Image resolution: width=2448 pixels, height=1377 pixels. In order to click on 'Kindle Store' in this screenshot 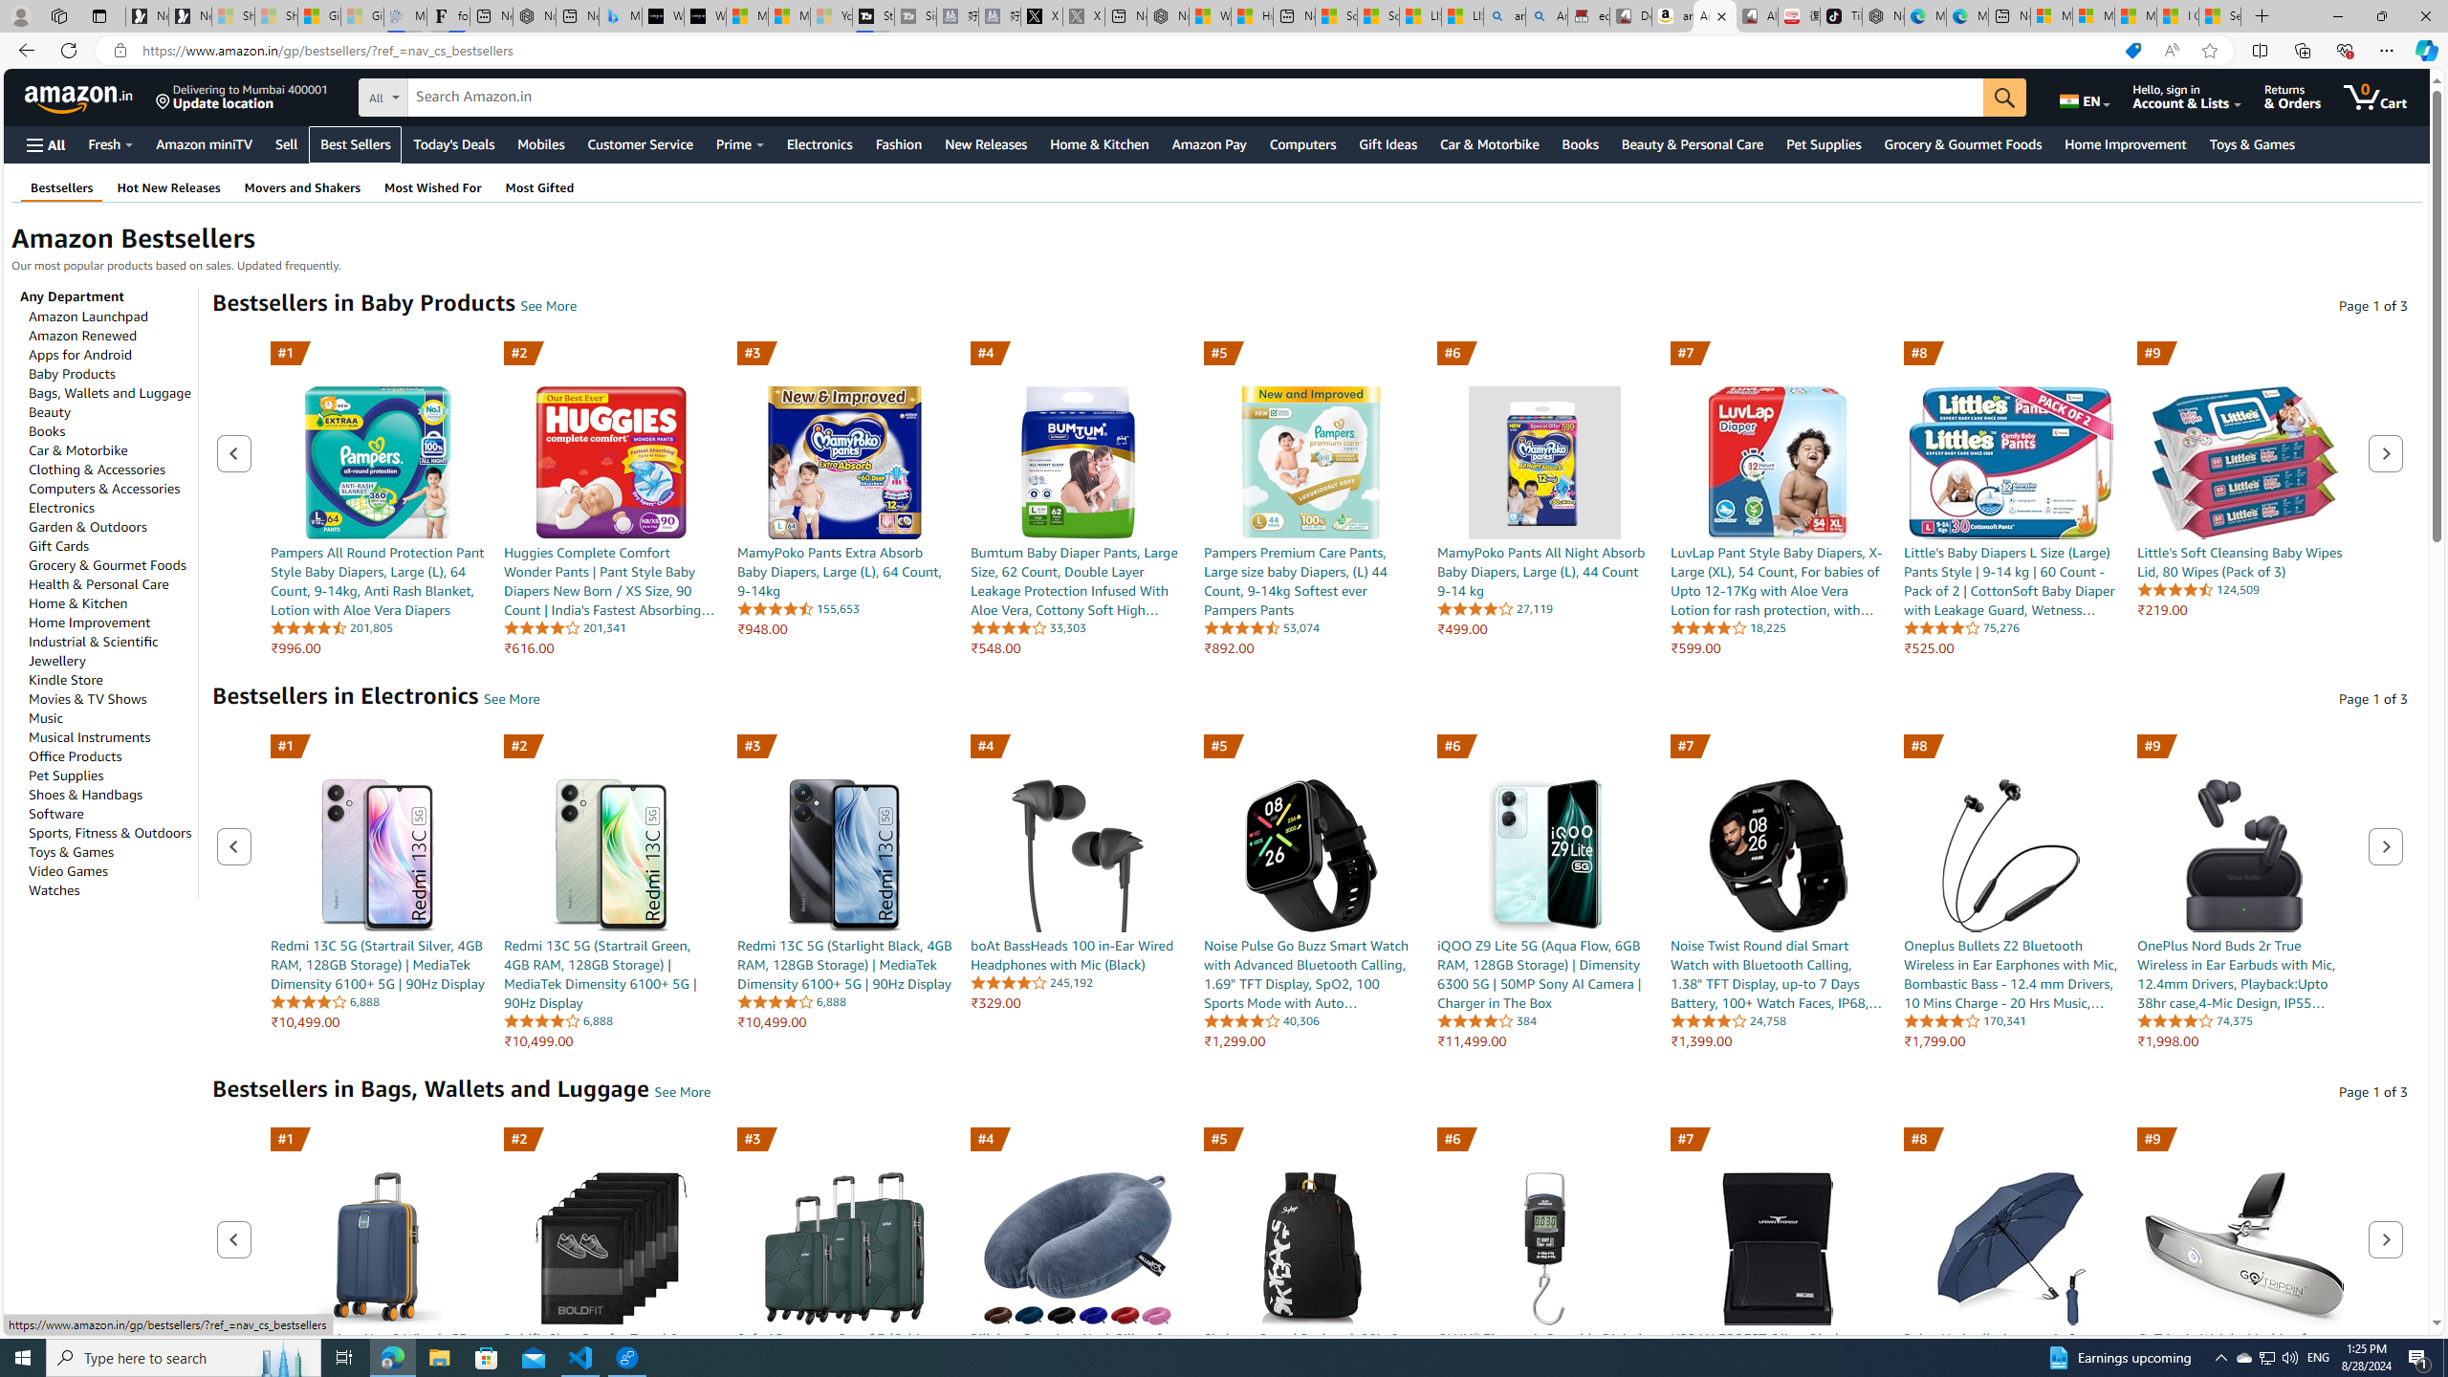, I will do `click(66, 680)`.